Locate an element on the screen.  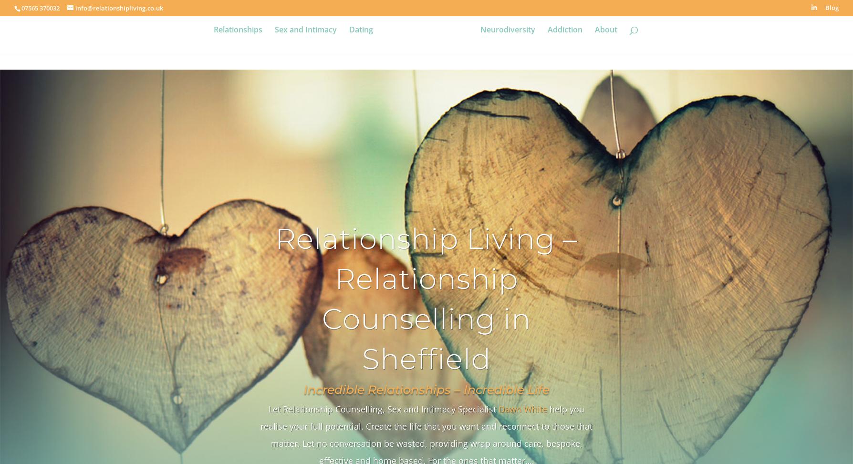
'Sex and Intimacy' is located at coordinates (274, 42).